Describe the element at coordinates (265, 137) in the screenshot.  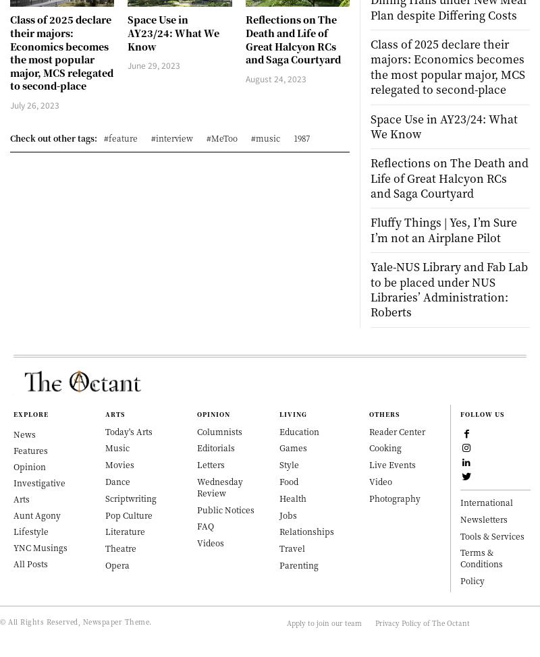
I see `'#music'` at that location.